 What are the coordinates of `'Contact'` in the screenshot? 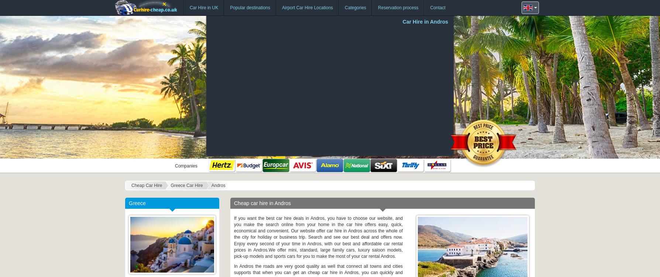 It's located at (430, 8).